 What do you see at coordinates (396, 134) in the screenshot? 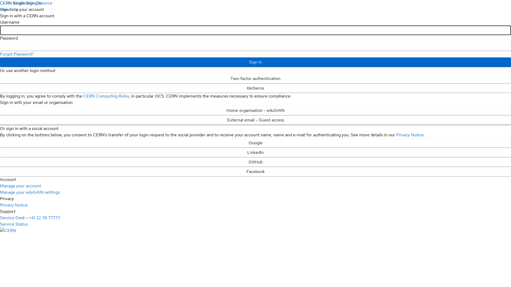
I see `'Privacy Notice'` at bounding box center [396, 134].